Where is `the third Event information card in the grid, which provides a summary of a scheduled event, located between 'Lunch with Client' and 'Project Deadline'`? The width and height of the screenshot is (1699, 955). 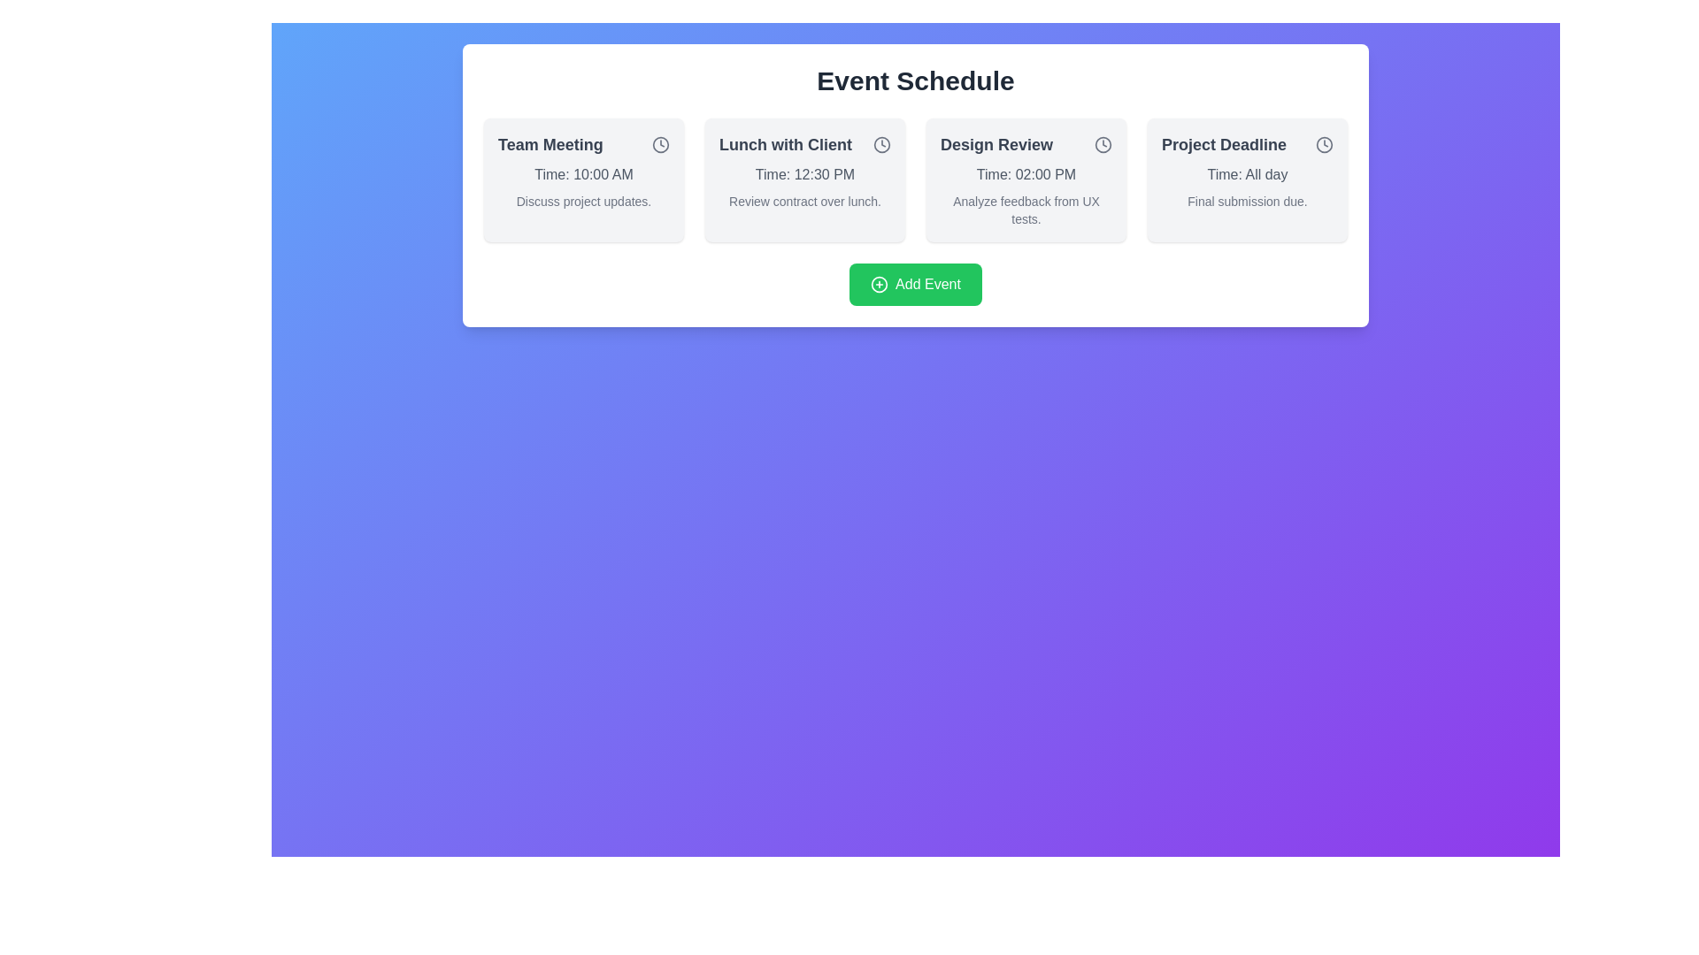
the third Event information card in the grid, which provides a summary of a scheduled event, located between 'Lunch with Client' and 'Project Deadline' is located at coordinates (1026, 180).